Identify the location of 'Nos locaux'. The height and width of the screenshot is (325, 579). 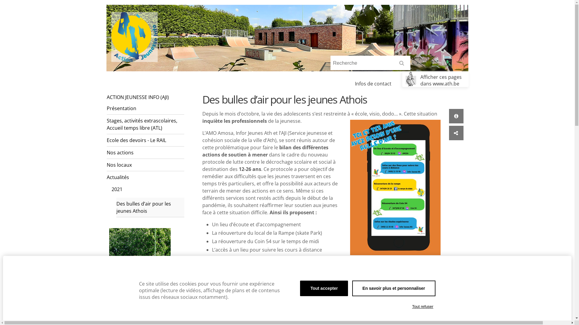
(145, 165).